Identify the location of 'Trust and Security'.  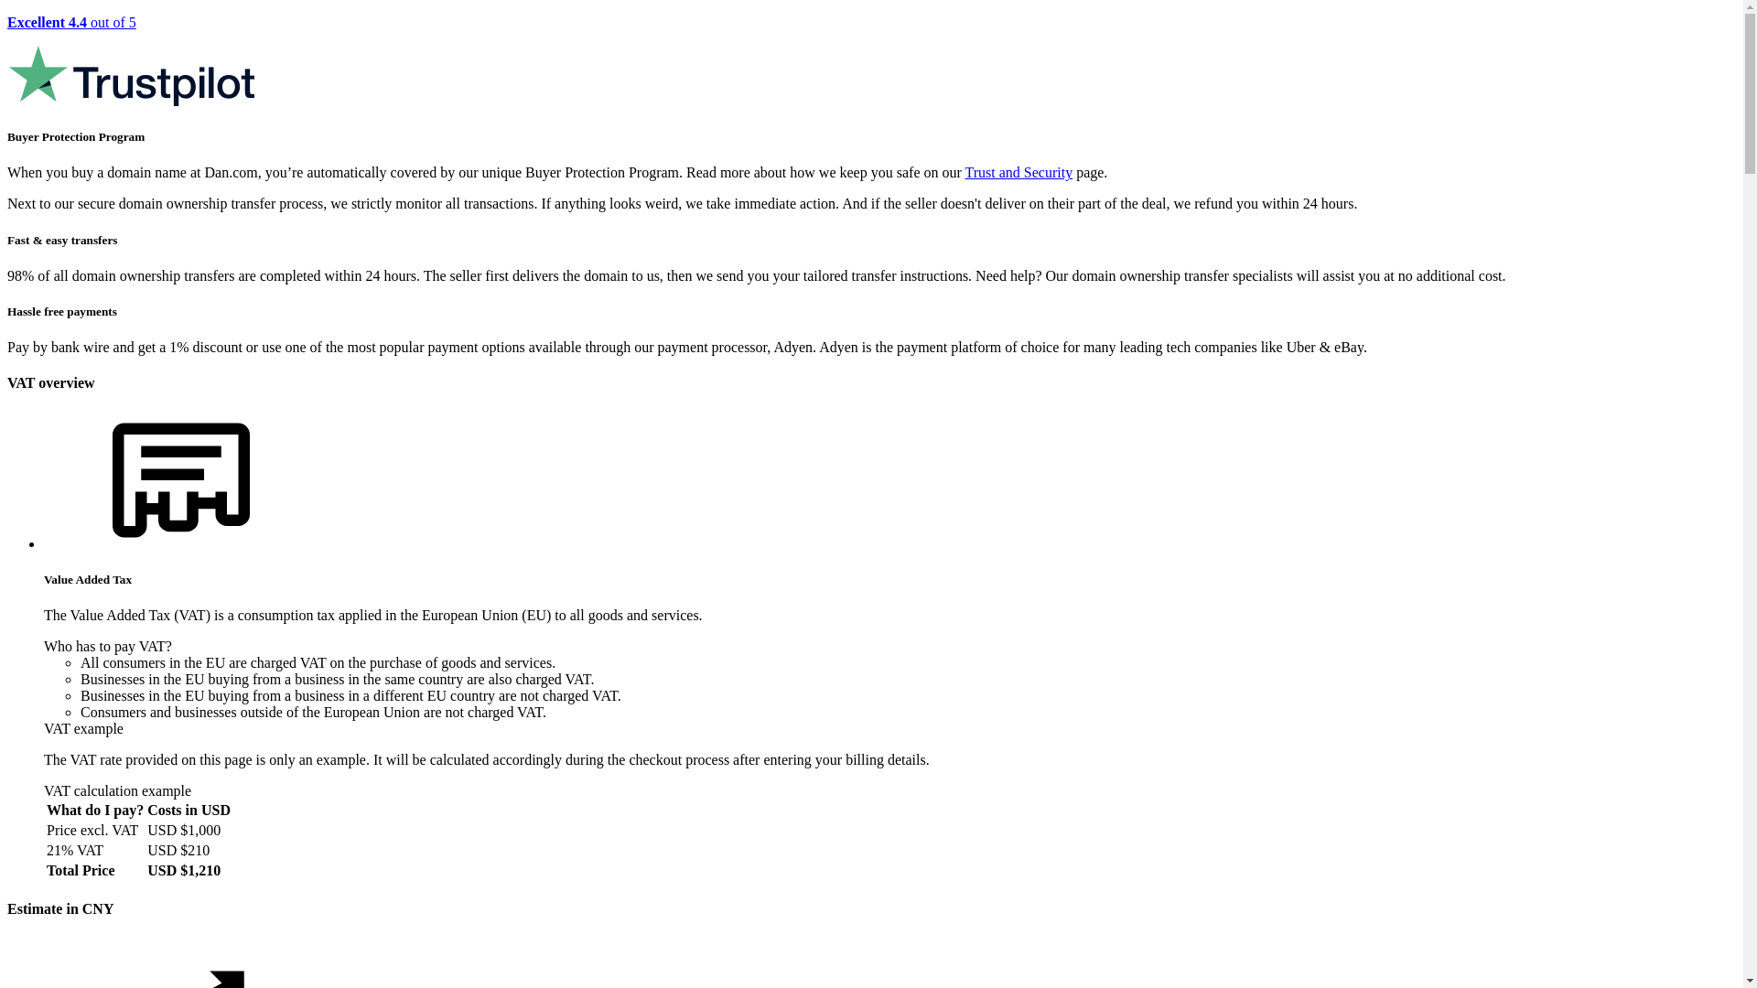
(1018, 172).